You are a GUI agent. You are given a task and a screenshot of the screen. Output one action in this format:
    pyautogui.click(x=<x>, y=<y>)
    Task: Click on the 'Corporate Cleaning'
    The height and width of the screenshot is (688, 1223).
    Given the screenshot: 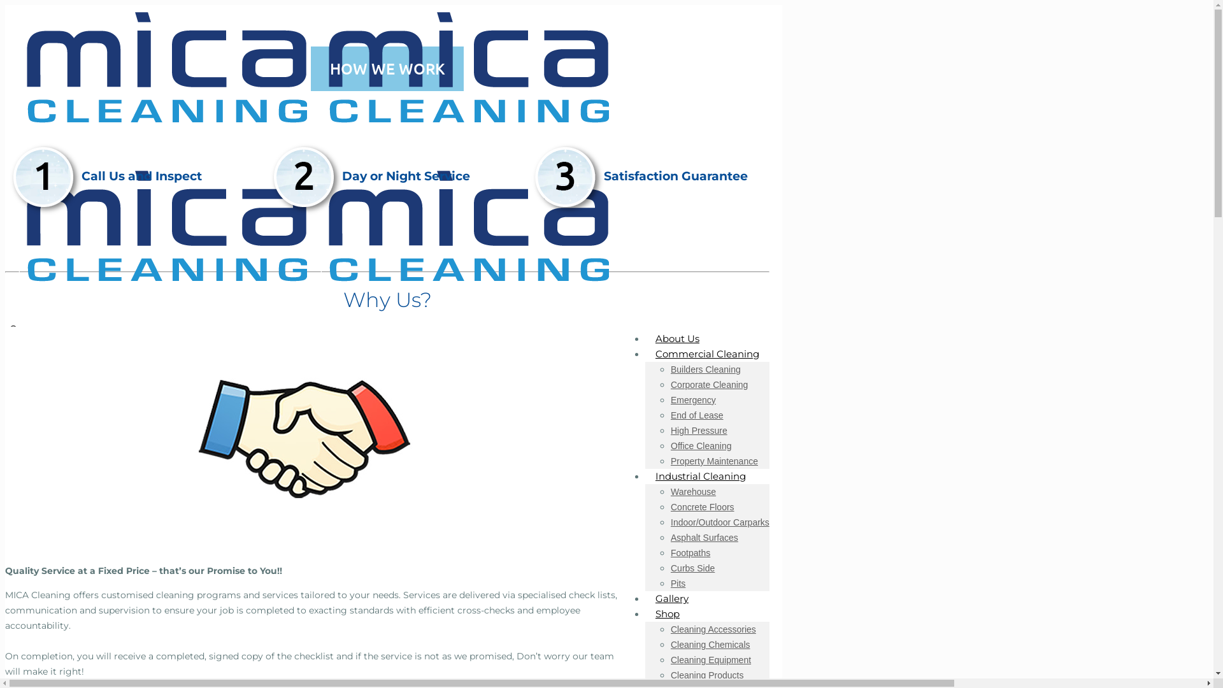 What is the action you would take?
    pyautogui.click(x=708, y=384)
    